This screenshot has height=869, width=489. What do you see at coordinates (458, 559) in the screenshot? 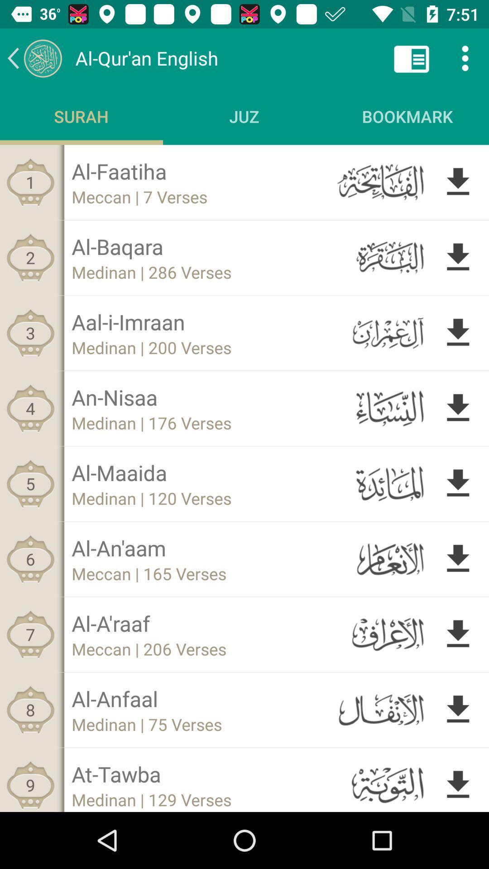
I see `click the button to download` at bounding box center [458, 559].